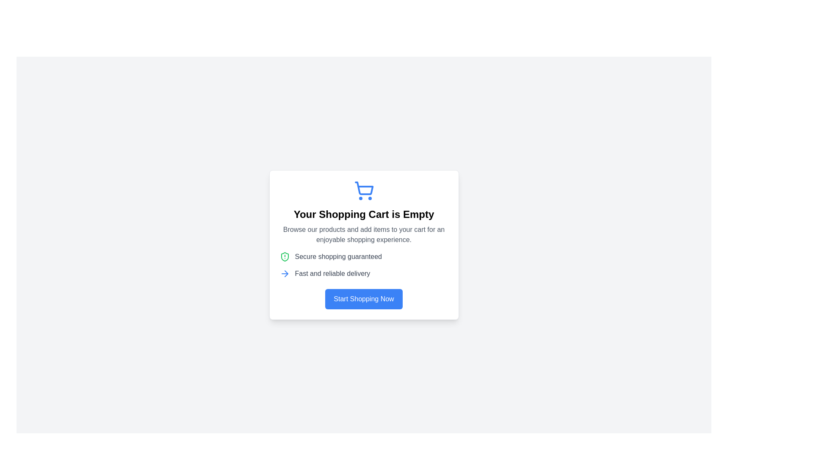 Image resolution: width=813 pixels, height=457 pixels. What do you see at coordinates (364, 298) in the screenshot?
I see `the shopping button located in the center of the interface, directly below the 'Your Shopping Cart is Empty' text box, to change its color` at bounding box center [364, 298].